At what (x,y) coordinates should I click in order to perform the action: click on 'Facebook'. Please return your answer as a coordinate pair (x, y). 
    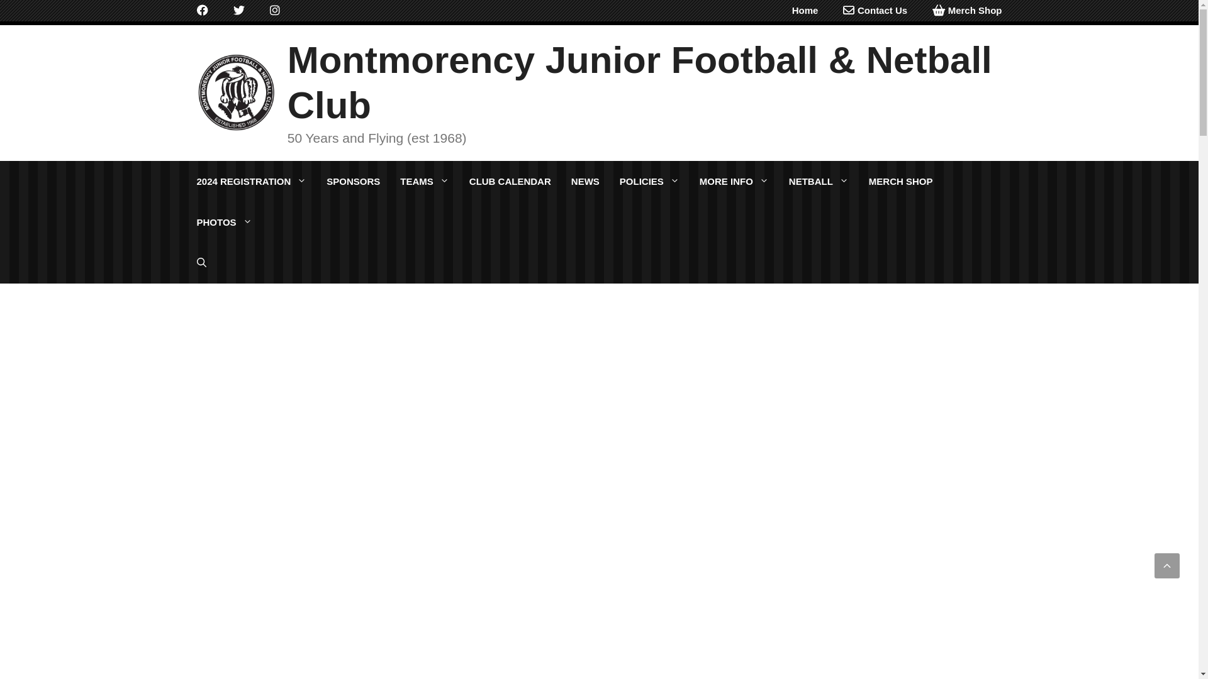
    Looking at the image, I should click on (202, 10).